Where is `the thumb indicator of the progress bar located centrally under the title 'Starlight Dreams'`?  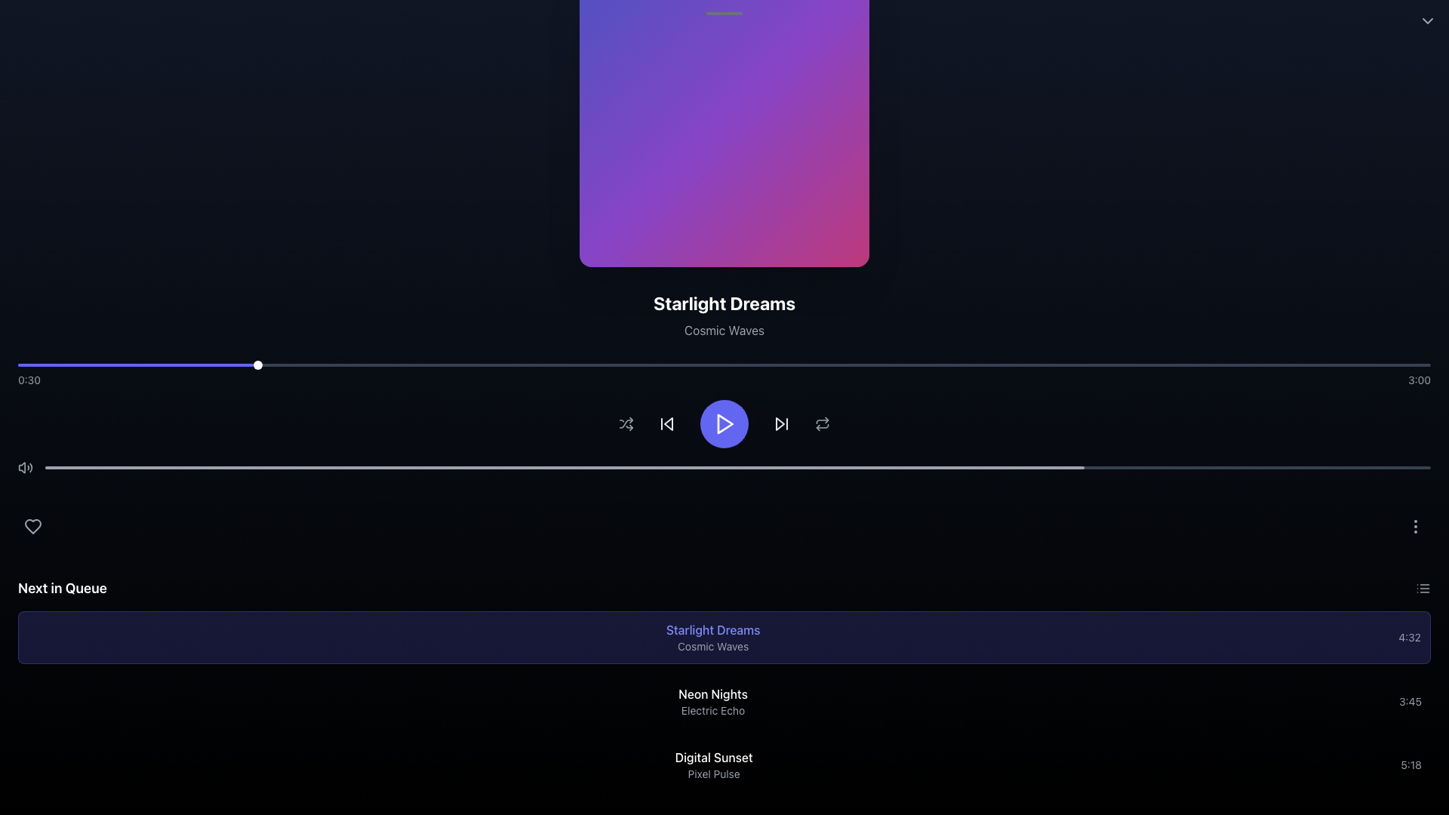
the thumb indicator of the progress bar located centrally under the title 'Starlight Dreams' is located at coordinates (724, 364).